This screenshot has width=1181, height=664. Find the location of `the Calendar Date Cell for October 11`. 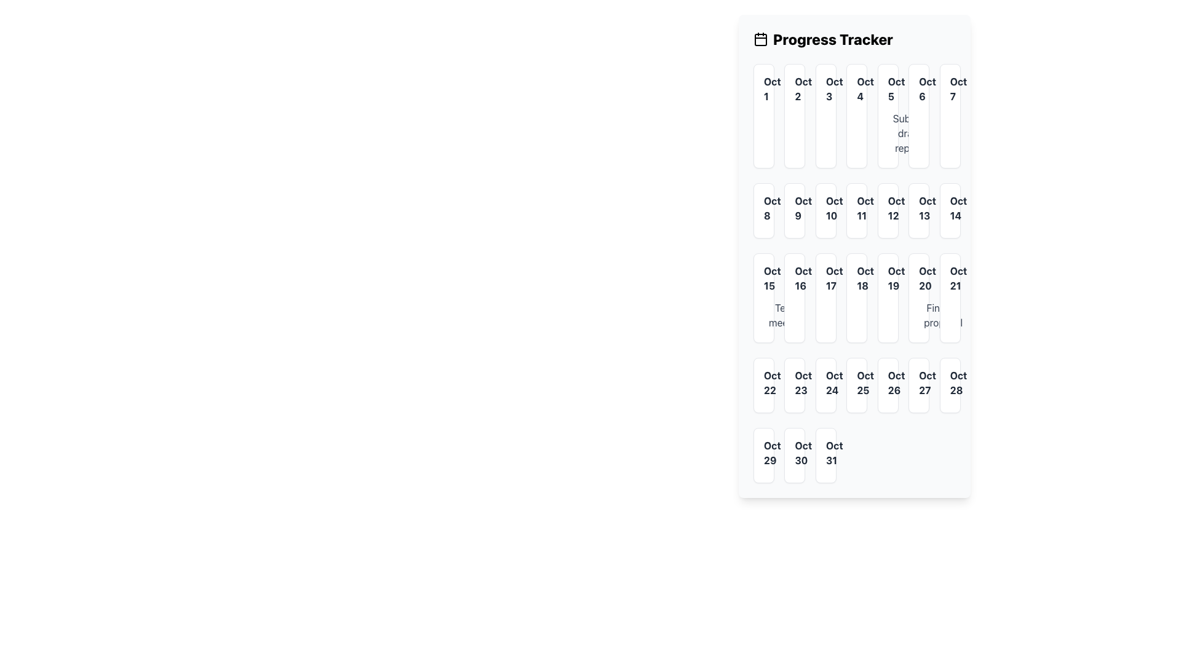

the Calendar Date Cell for October 11 is located at coordinates (856, 210).